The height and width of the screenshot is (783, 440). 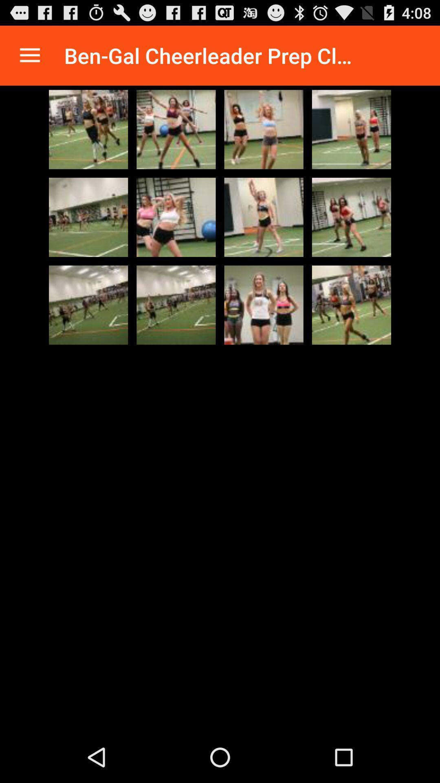 I want to click on watch video full screen, so click(x=351, y=129).